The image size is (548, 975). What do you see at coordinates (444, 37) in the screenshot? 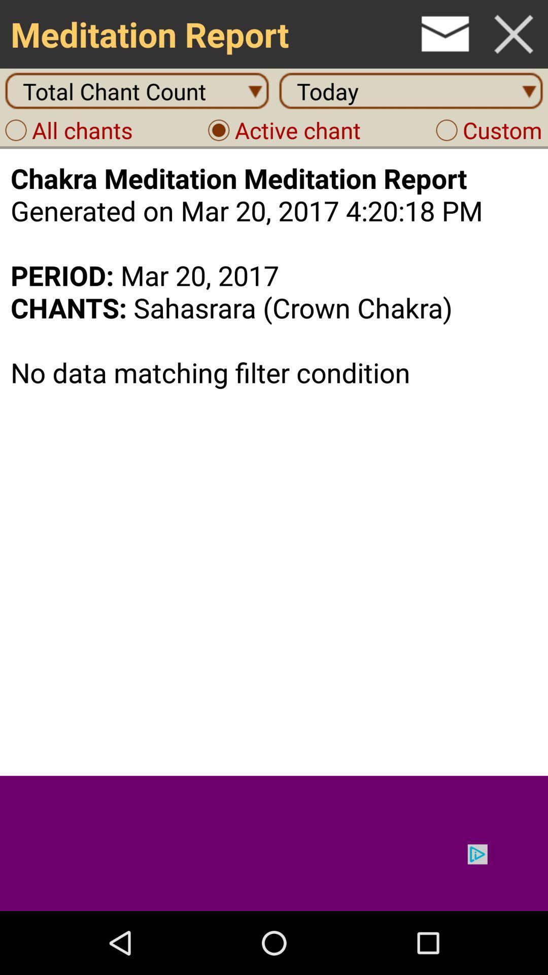
I see `the email icon` at bounding box center [444, 37].